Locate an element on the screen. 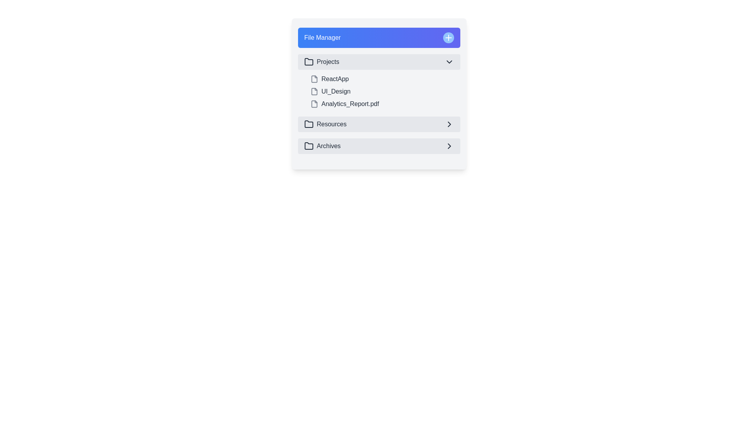 This screenshot has width=749, height=421. the 'UI_Design' file entry in the 'Projects' section of the file manager is located at coordinates (335, 91).